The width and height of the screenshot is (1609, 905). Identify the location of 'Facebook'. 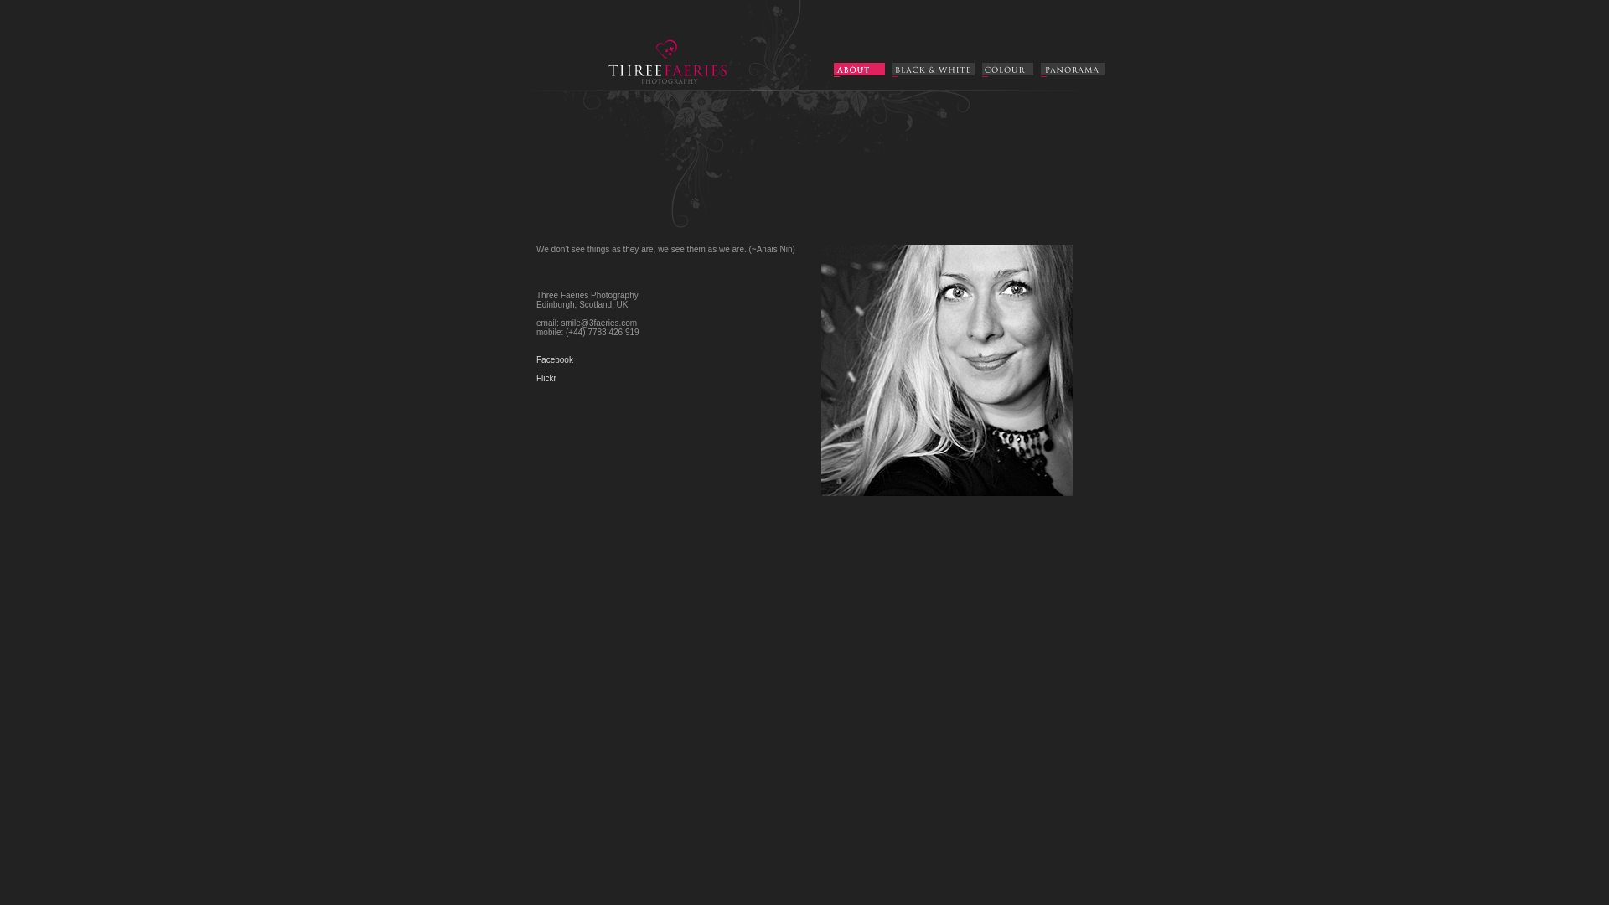
(555, 359).